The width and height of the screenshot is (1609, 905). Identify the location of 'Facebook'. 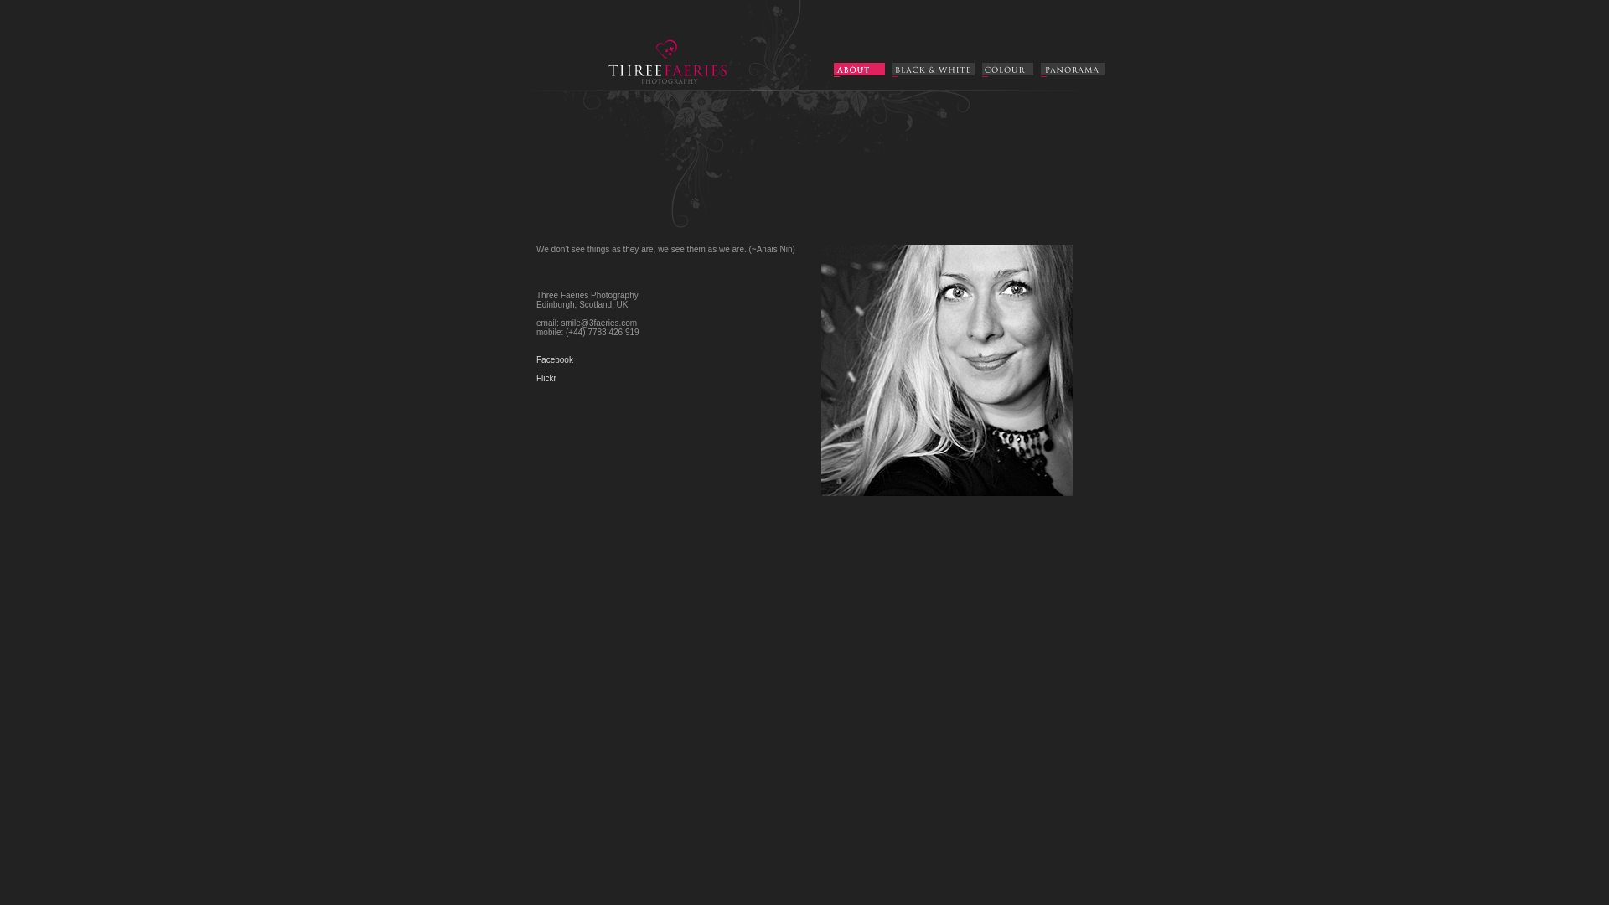
(555, 359).